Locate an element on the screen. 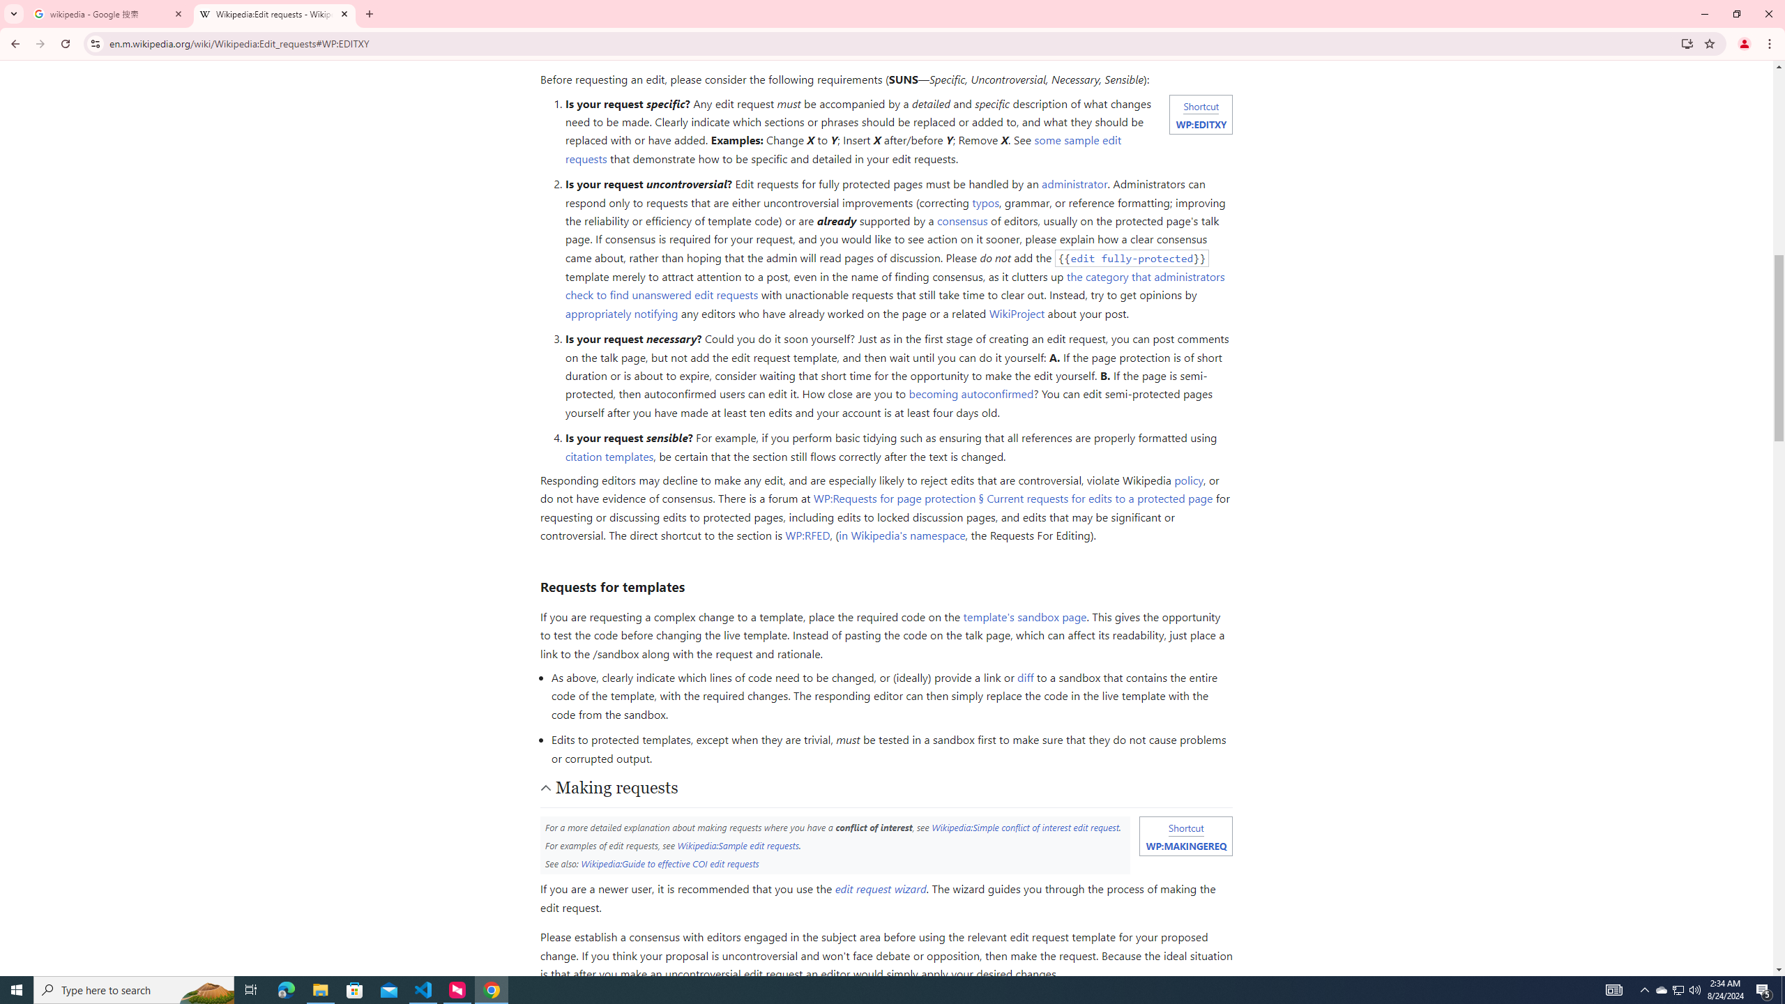 This screenshot has height=1004, width=1785. 'template' is located at coordinates (1024, 616).